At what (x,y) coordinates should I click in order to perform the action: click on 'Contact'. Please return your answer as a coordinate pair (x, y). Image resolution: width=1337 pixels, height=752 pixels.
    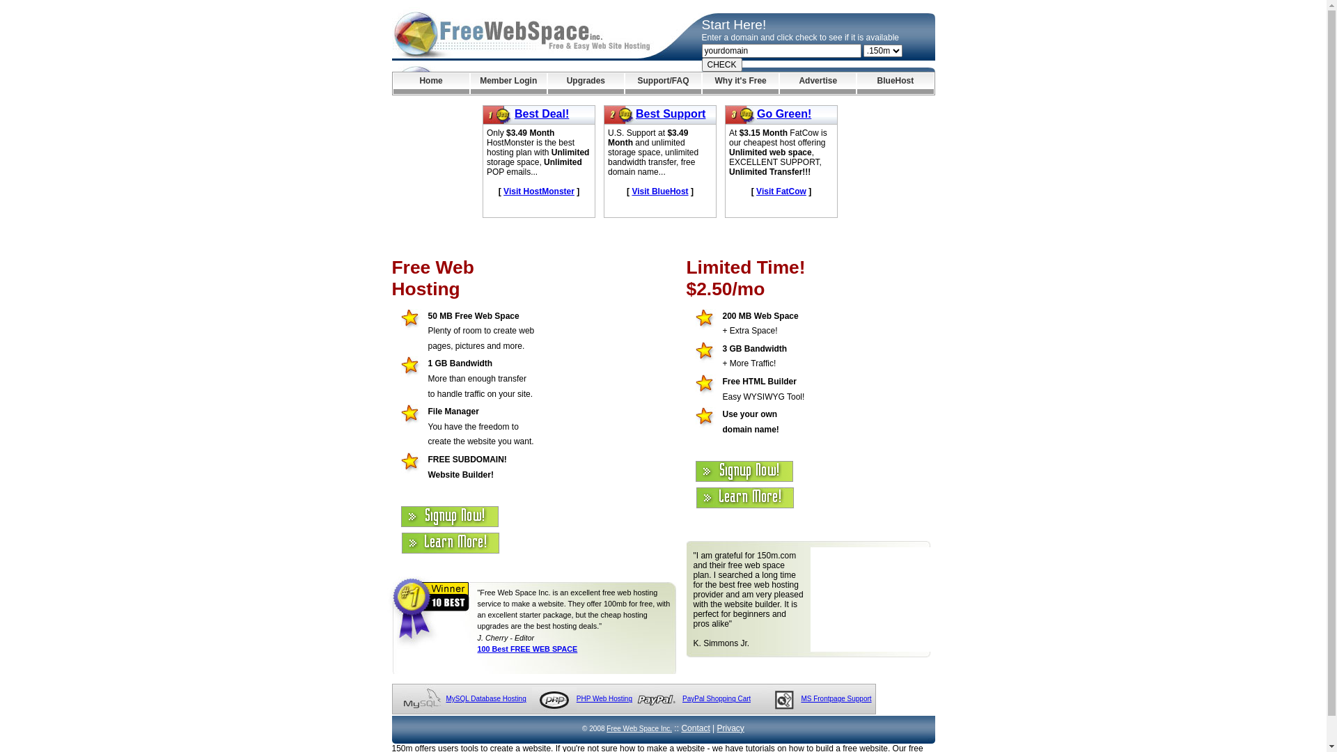
    Looking at the image, I should click on (681, 727).